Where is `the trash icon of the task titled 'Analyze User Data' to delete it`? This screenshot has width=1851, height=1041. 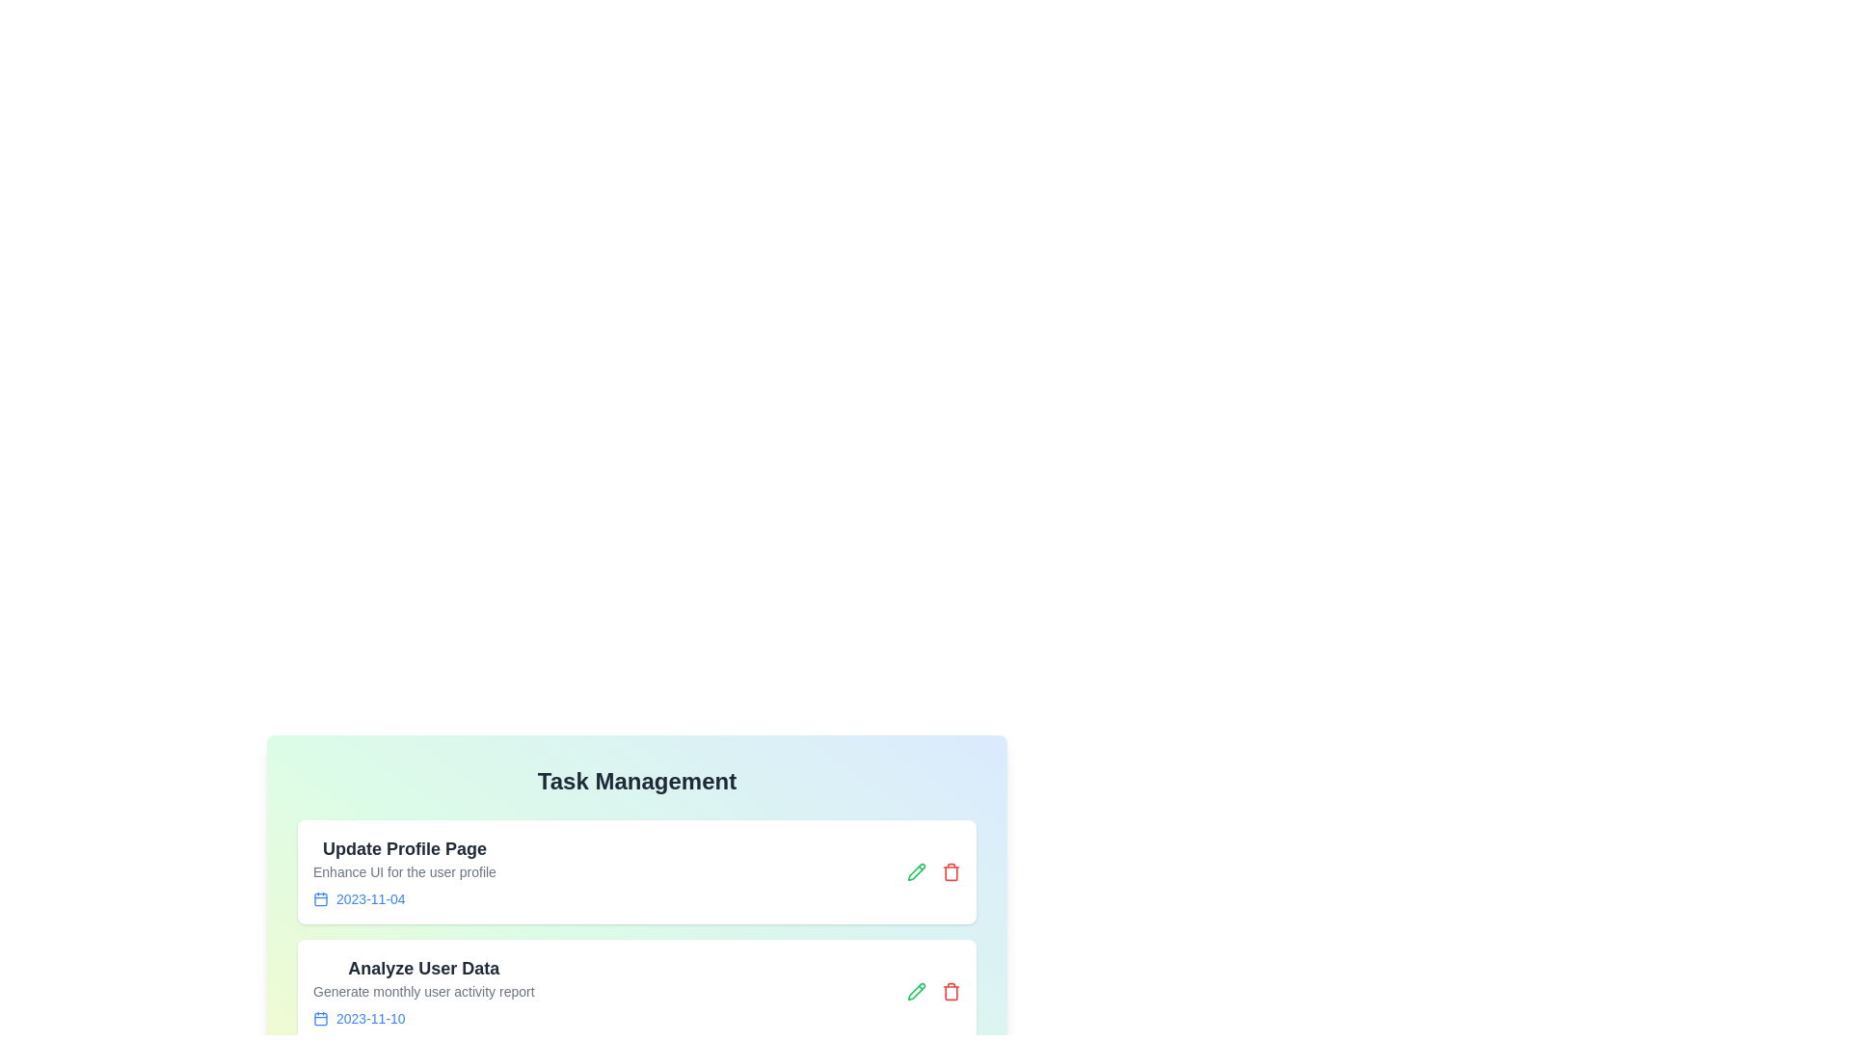 the trash icon of the task titled 'Analyze User Data' to delete it is located at coordinates (952, 992).